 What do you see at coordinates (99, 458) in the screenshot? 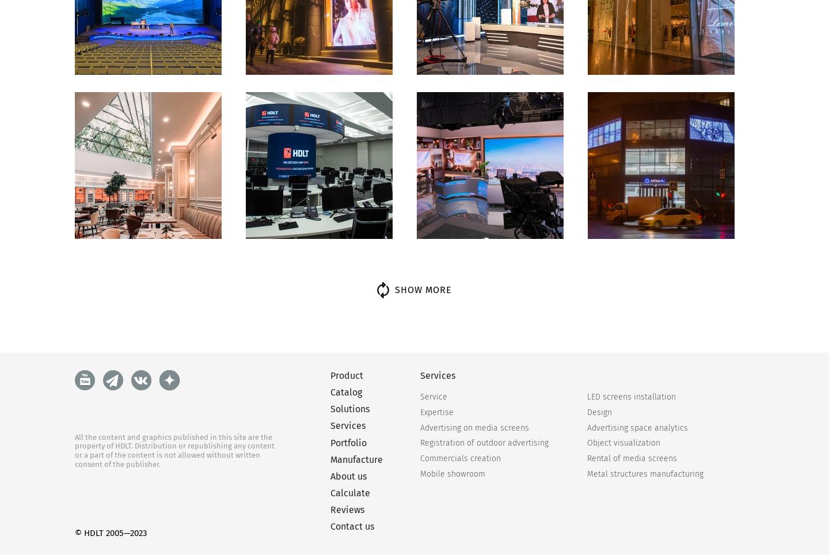
I see `'Showcase'` at bounding box center [99, 458].